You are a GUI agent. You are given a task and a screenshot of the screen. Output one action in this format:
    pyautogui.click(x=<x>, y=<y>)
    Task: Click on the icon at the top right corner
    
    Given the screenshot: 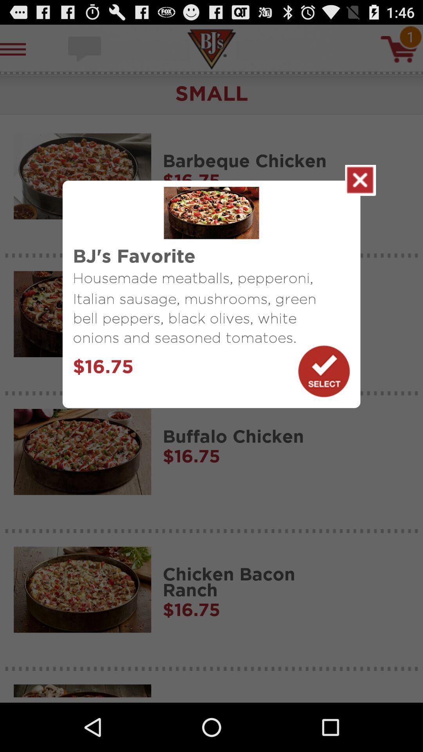 What is the action you would take?
    pyautogui.click(x=360, y=180)
    